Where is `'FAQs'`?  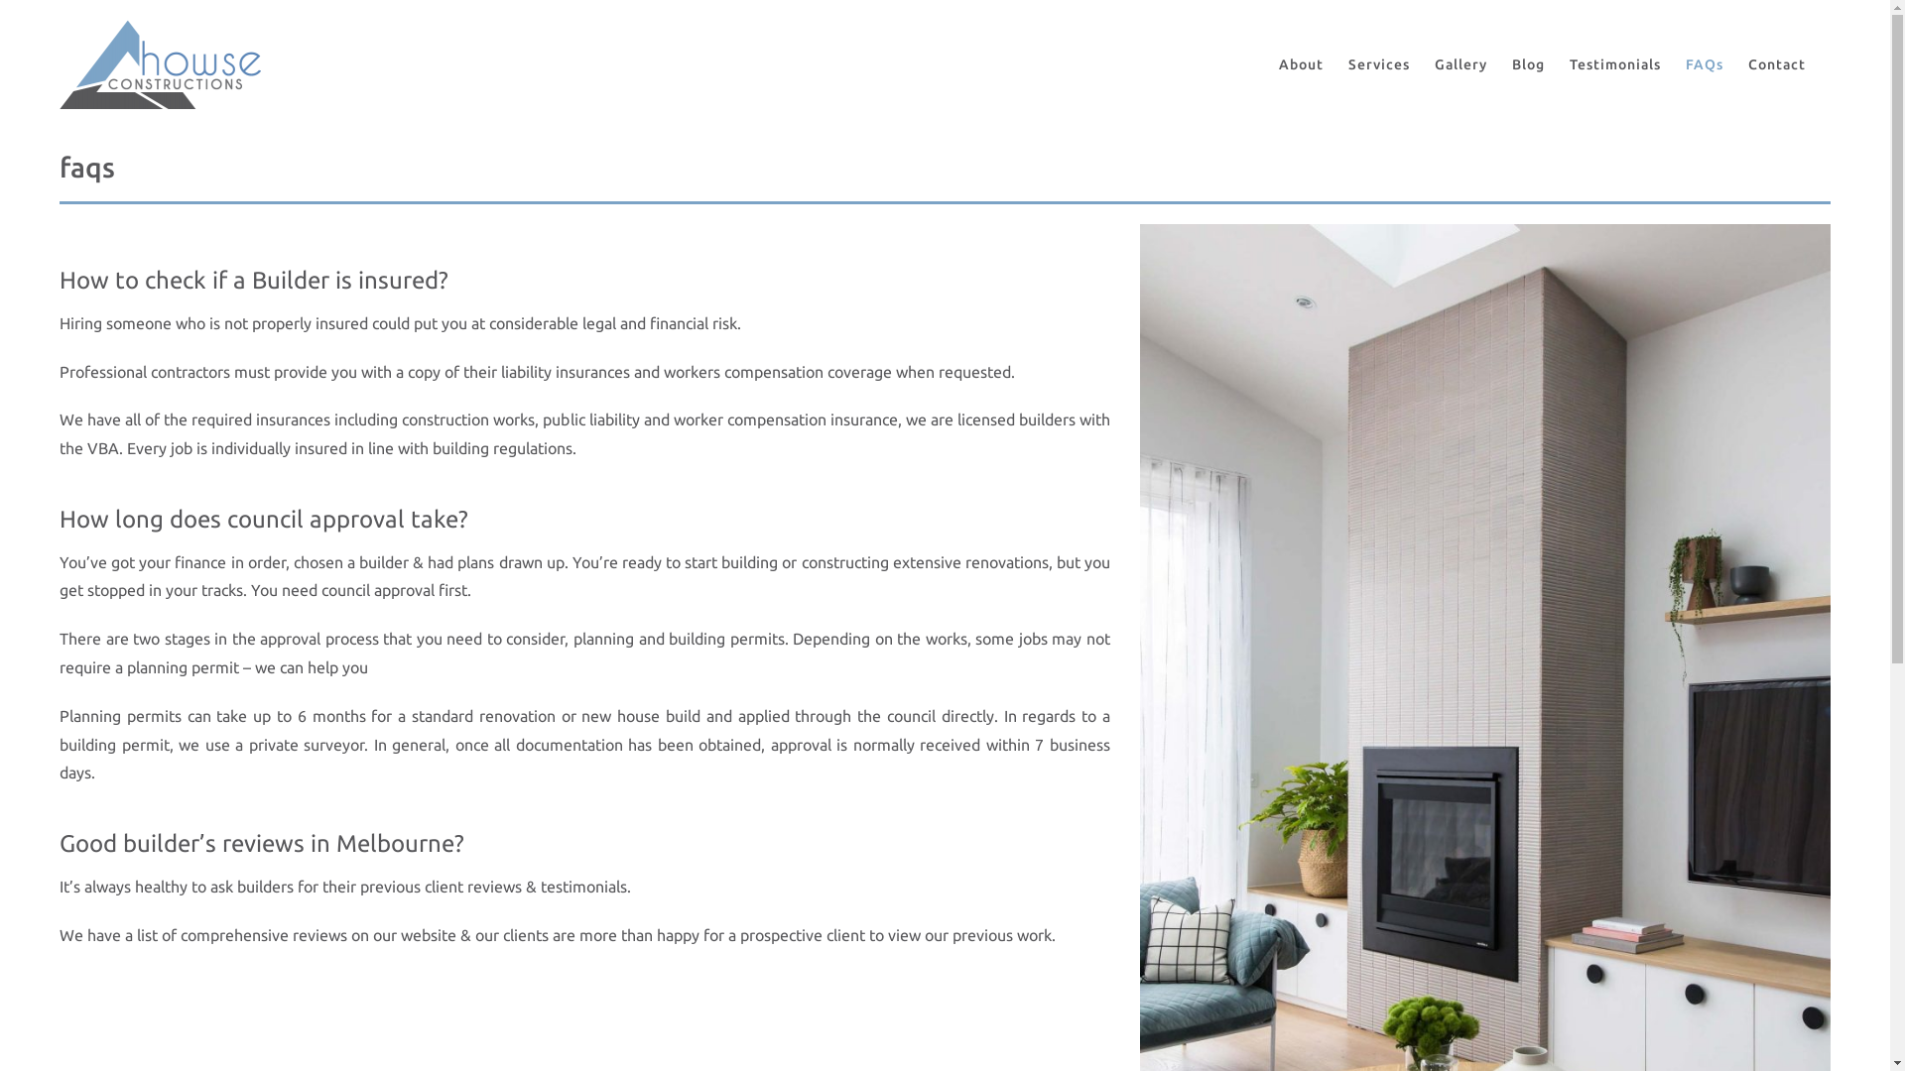 'FAQs' is located at coordinates (1685, 63).